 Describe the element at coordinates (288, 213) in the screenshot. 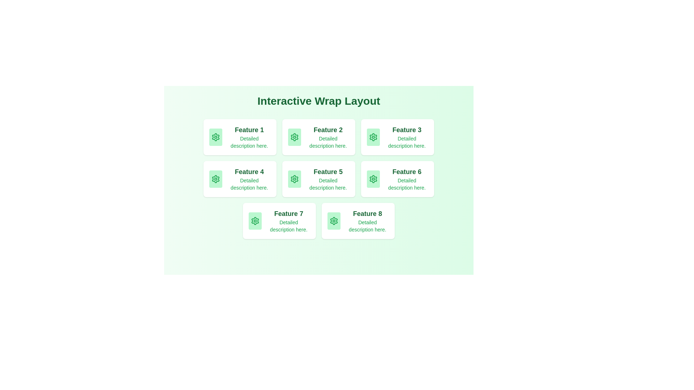

I see `the Label or heading text located in the lower row of cards, specifically on the leftmost card of this row, which serves as a title for the associated descriptive text` at that location.